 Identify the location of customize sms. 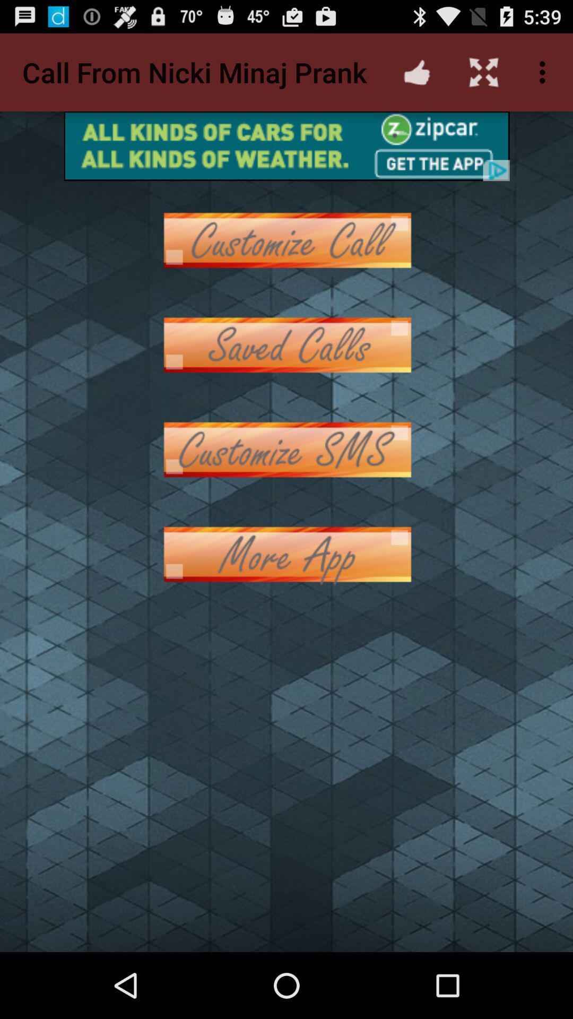
(286, 450).